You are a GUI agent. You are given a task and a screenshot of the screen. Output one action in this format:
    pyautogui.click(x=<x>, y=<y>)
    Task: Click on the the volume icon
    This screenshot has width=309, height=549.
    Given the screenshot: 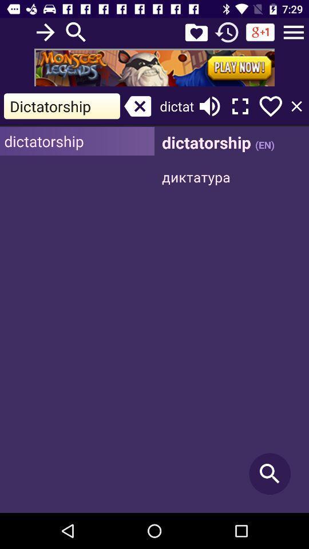 What is the action you would take?
    pyautogui.click(x=209, y=106)
    